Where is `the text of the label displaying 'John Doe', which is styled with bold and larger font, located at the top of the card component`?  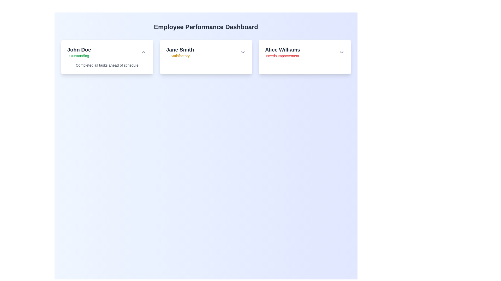
the text of the label displaying 'John Doe', which is styled with bold and larger font, located at the top of the card component is located at coordinates (79, 50).